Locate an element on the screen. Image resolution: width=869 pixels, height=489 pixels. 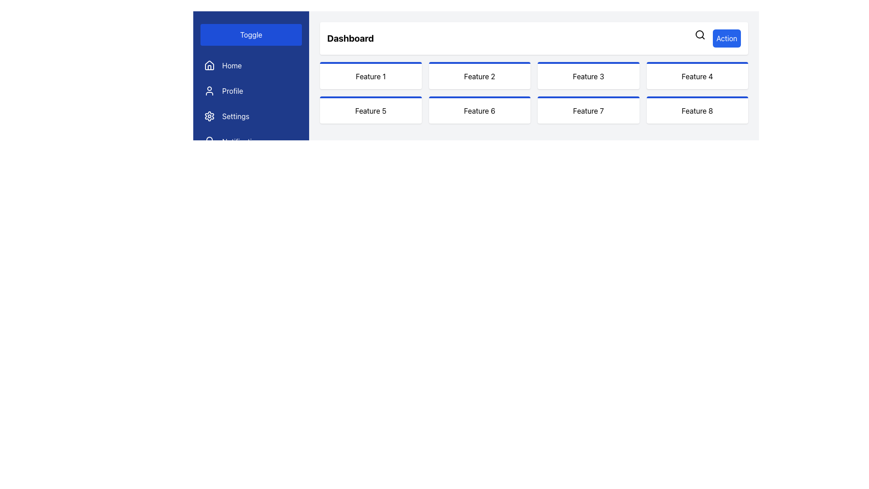
'Settings' text label located in the vertical menu bar between 'Profile' and 'Notifications' is located at coordinates (235, 116).